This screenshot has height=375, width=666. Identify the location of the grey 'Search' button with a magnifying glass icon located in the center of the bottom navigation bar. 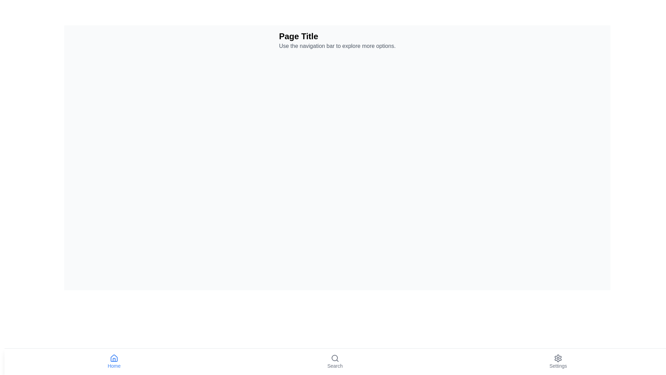
(335, 361).